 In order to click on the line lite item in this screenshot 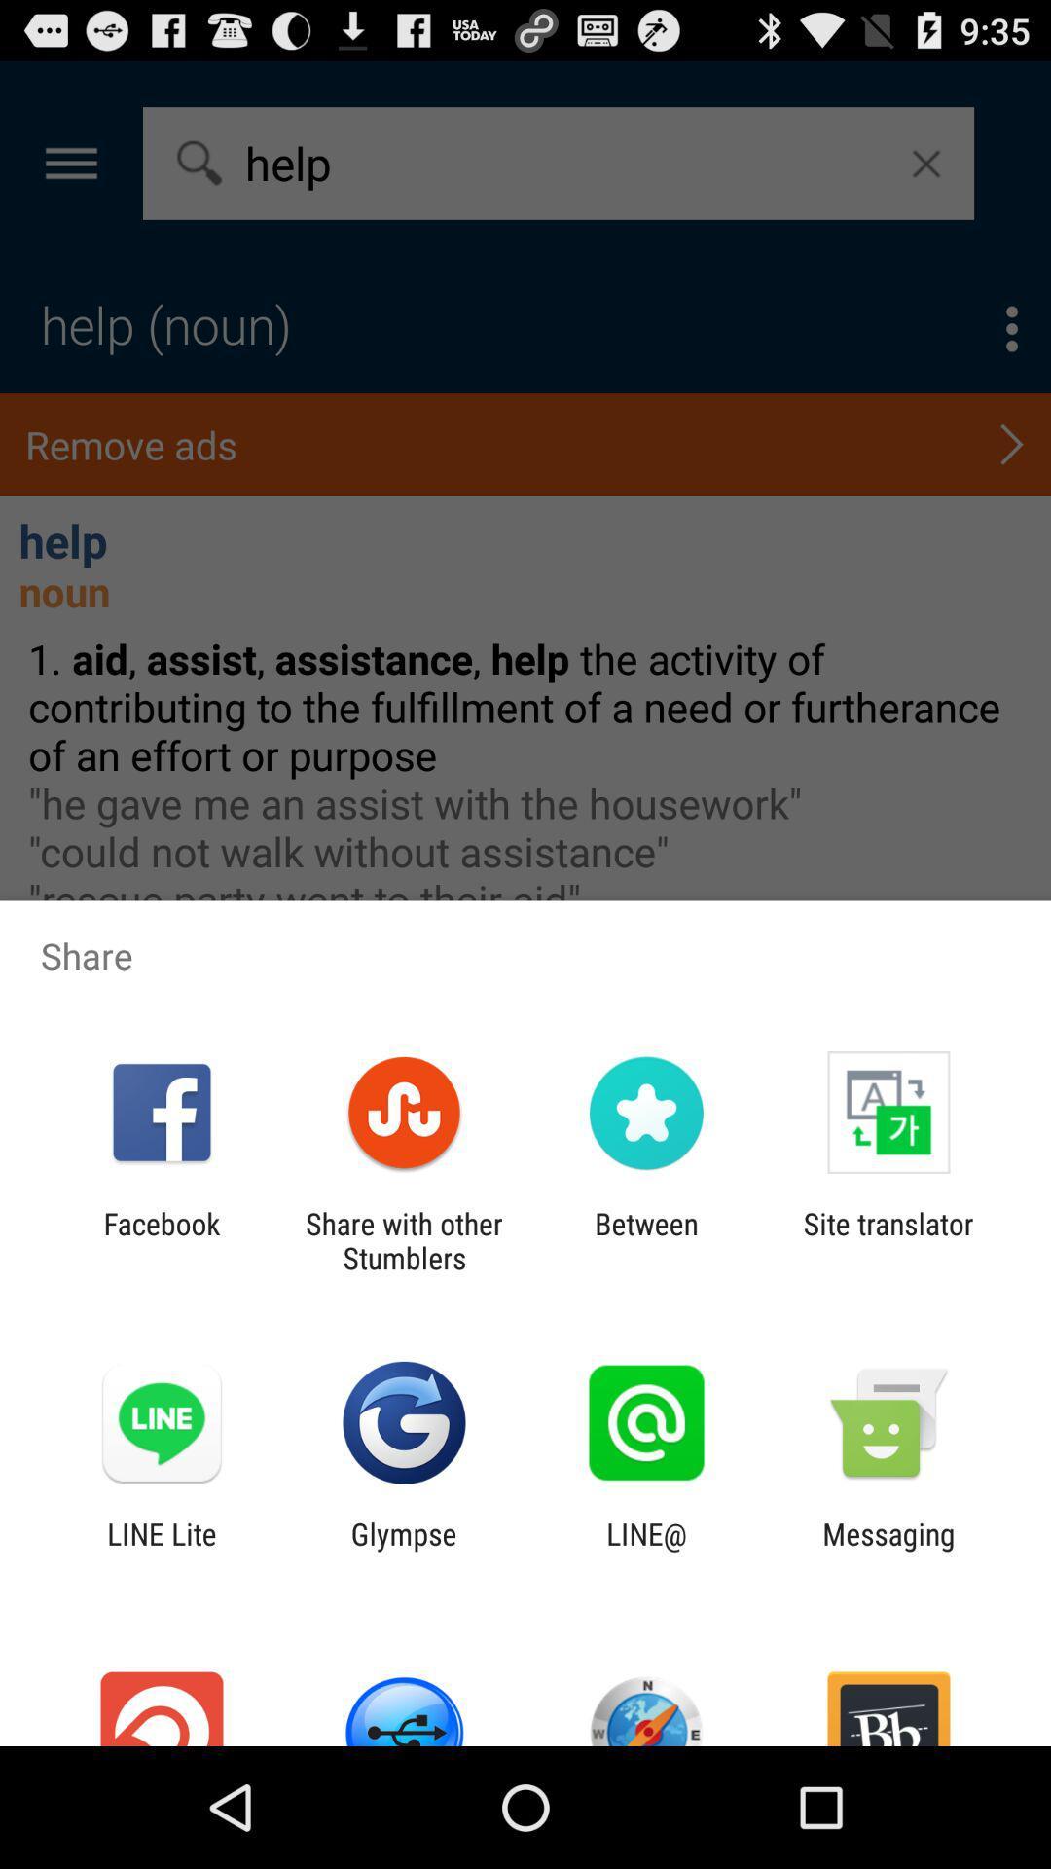, I will do `click(161, 1550)`.